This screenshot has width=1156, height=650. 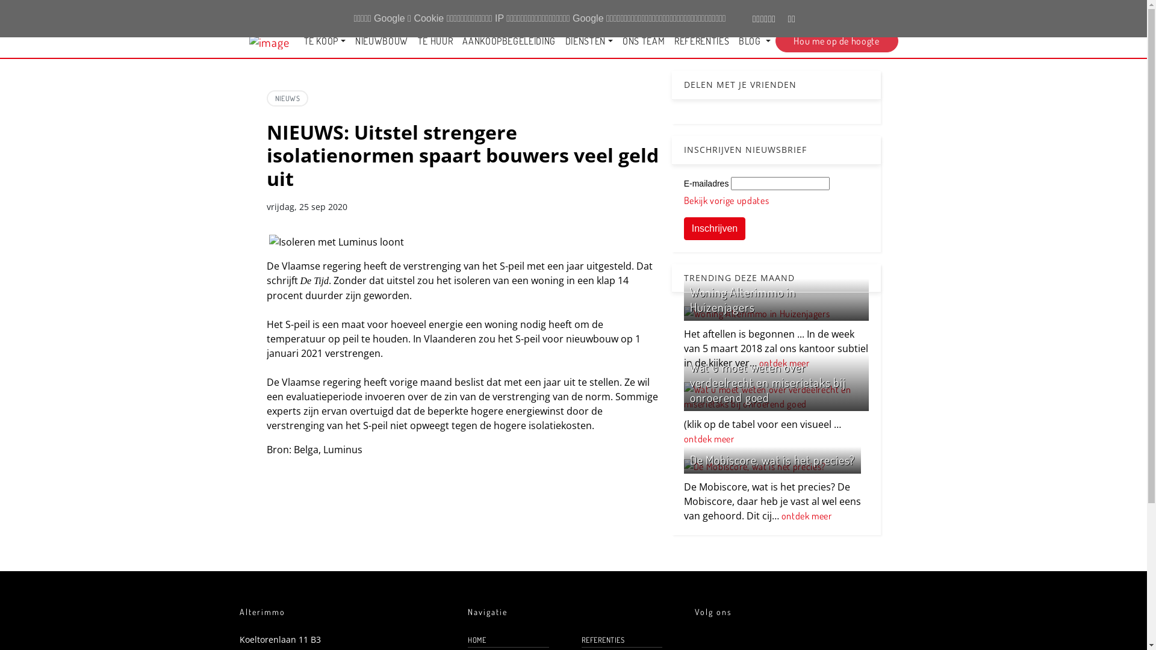 What do you see at coordinates (508, 639) in the screenshot?
I see `'HOME'` at bounding box center [508, 639].